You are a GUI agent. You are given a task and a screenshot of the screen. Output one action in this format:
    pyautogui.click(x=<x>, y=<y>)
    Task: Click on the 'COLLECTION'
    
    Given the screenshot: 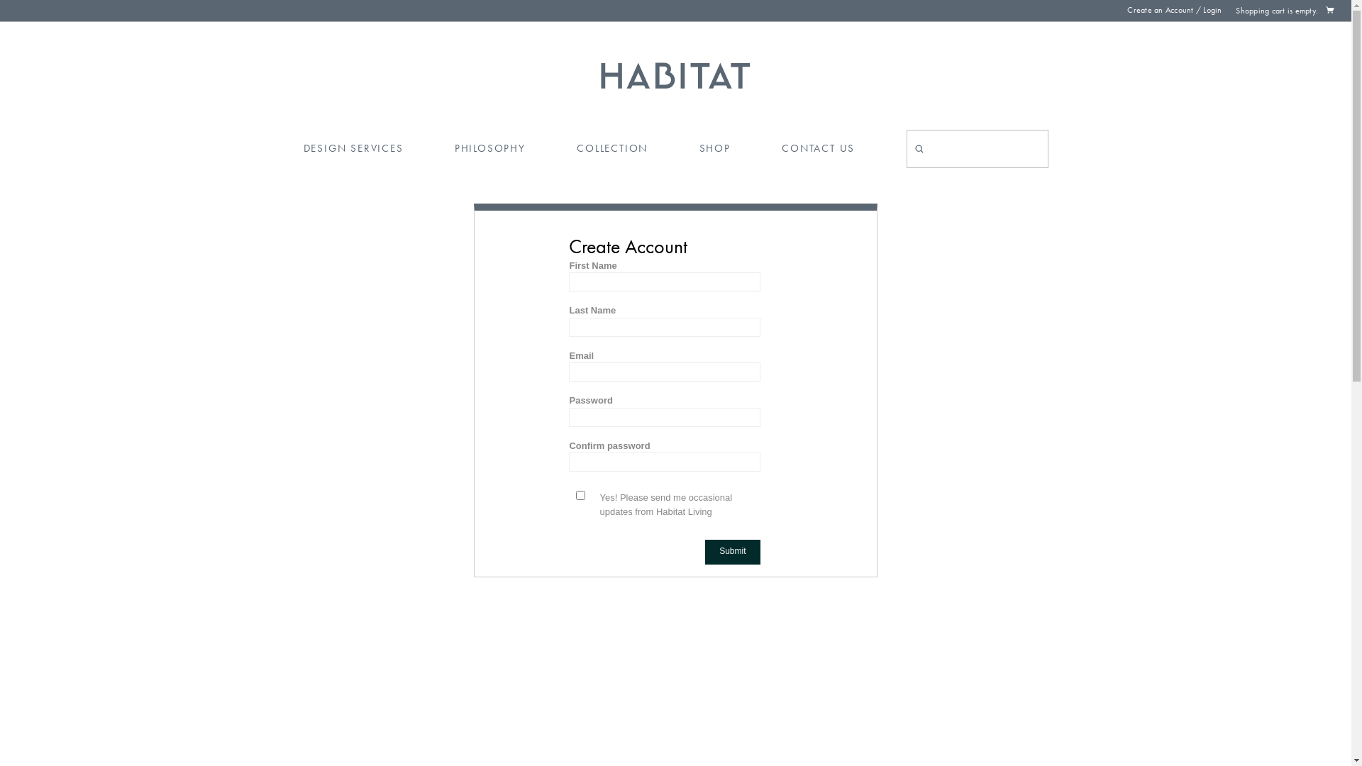 What is the action you would take?
    pyautogui.click(x=612, y=148)
    